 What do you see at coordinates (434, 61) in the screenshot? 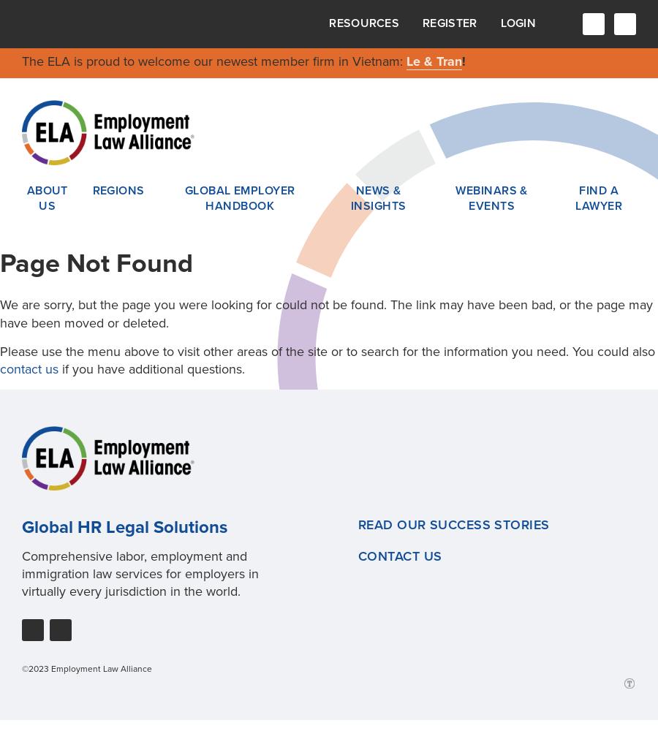
I see `'Le & Tran'` at bounding box center [434, 61].